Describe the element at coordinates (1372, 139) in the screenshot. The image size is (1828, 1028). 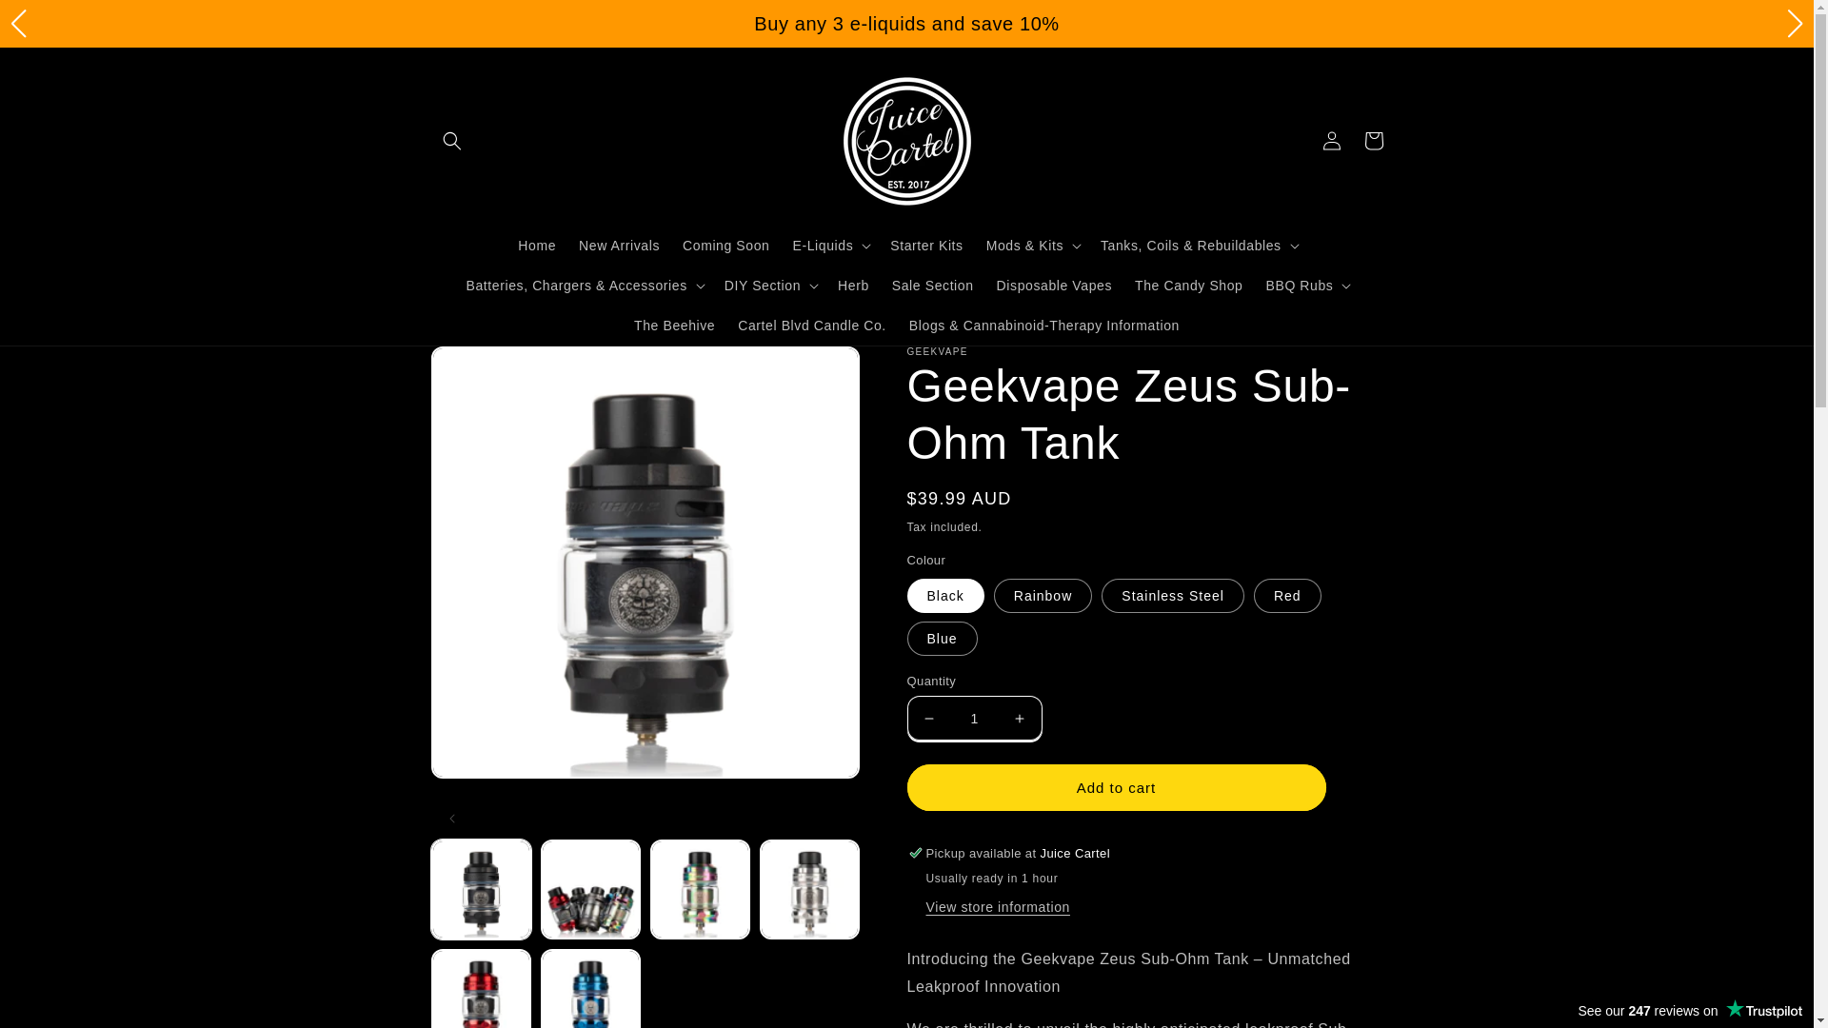
I see `'Cart'` at that location.